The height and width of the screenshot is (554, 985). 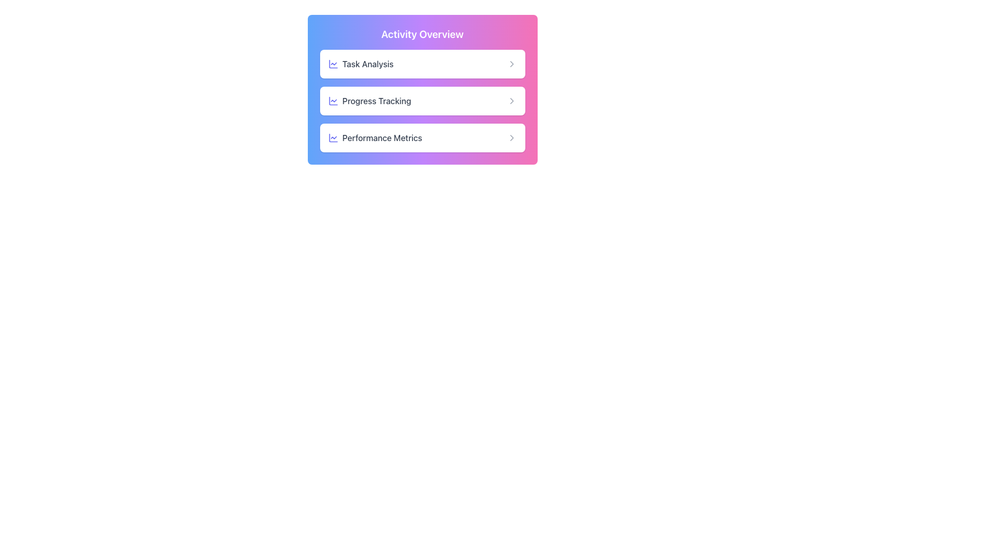 What do you see at coordinates (333, 101) in the screenshot?
I see `the icon representing 'Progress Tracking' located in the second row of the 'Activity Overview' card` at bounding box center [333, 101].